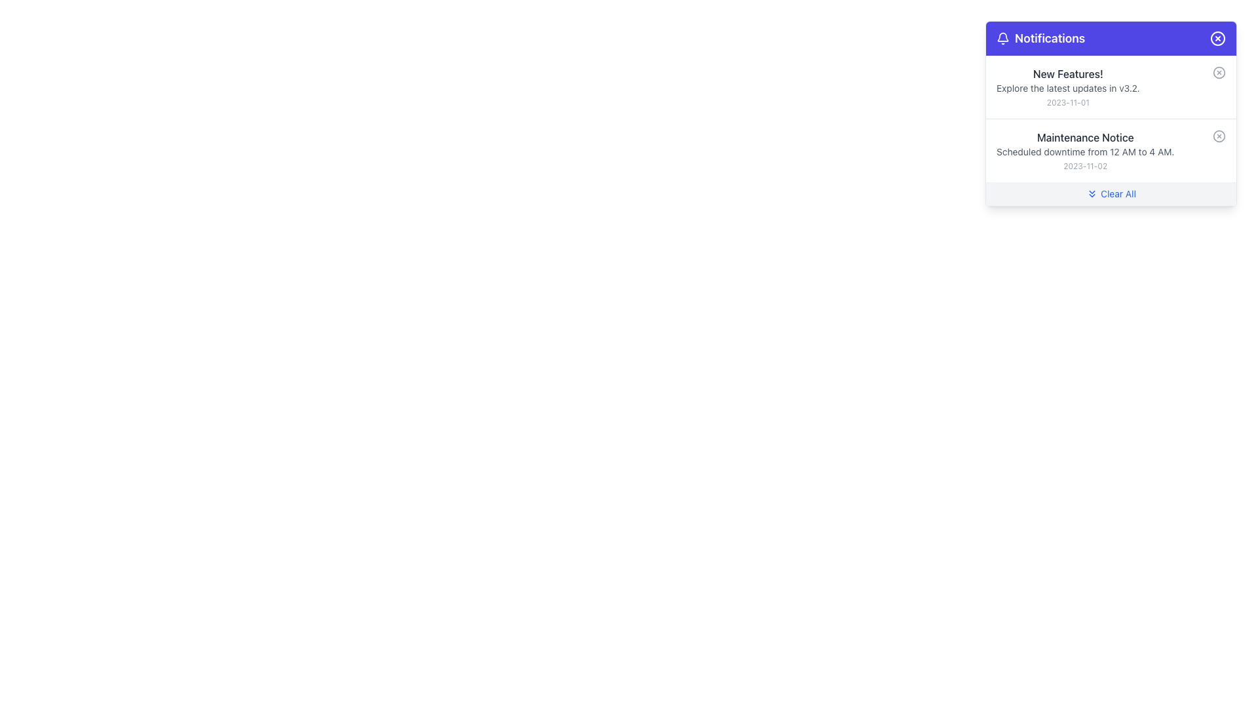 The image size is (1258, 708). I want to click on the bell-shaped icon in the top-left corner of the header bar for the 'Notifications' section, which is styled in white and indicates alerts or notifications, so click(1002, 37).